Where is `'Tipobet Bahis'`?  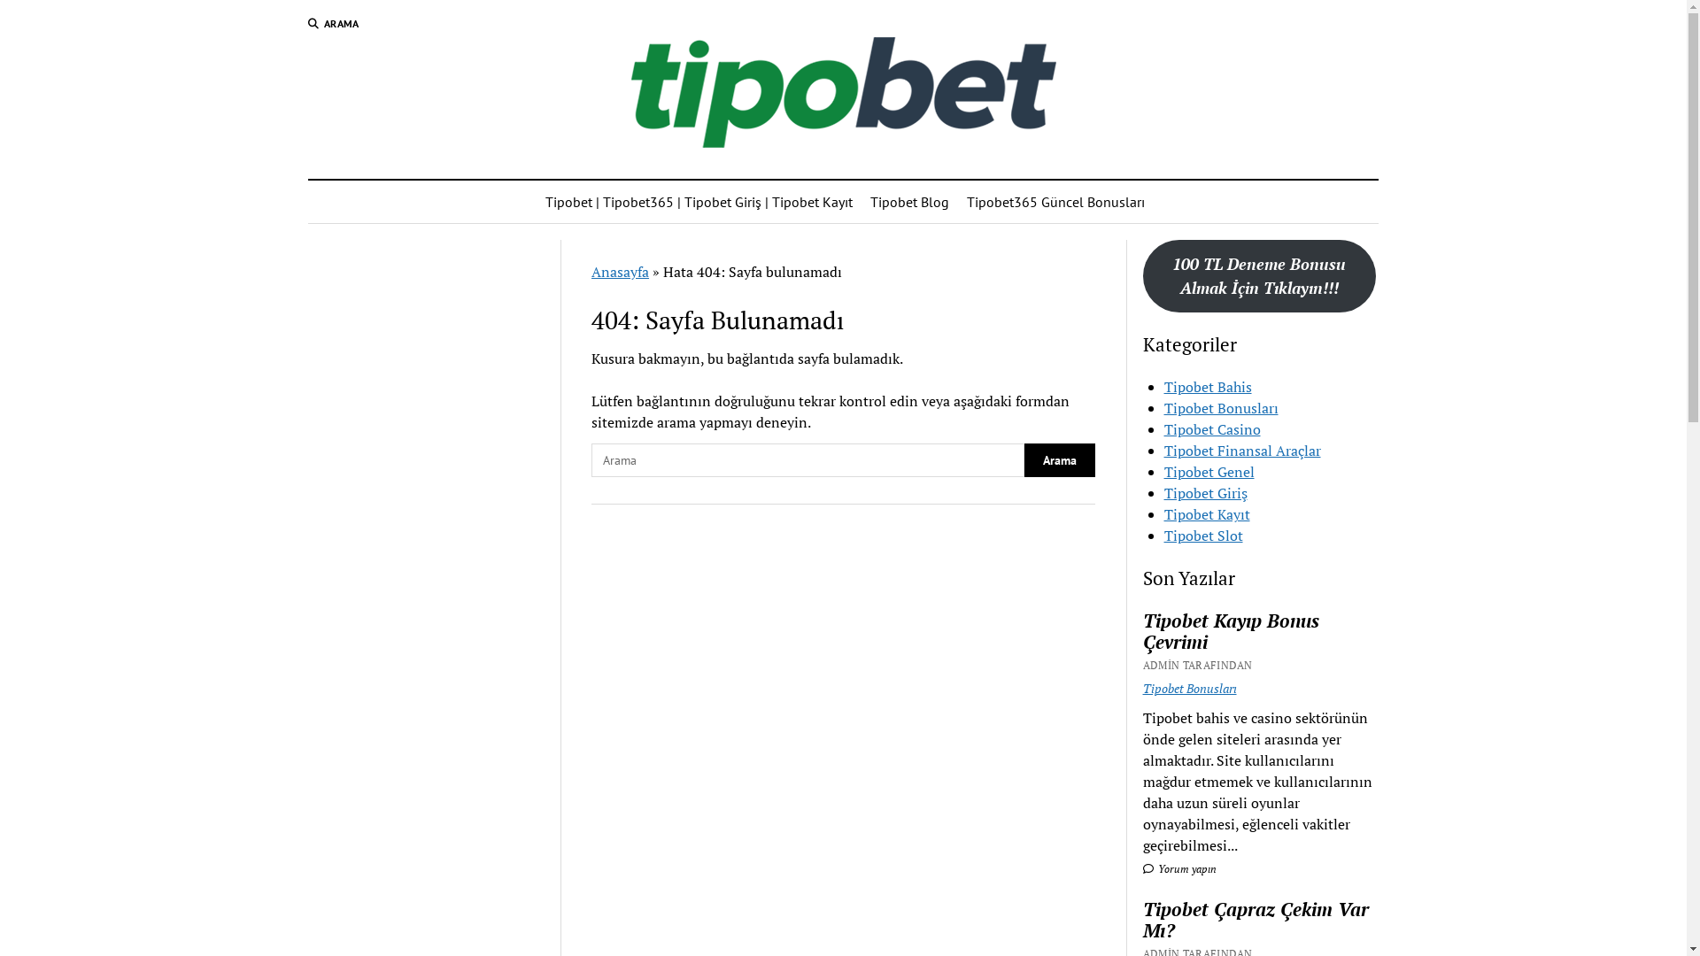
'Tipobet Bahis' is located at coordinates (1207, 385).